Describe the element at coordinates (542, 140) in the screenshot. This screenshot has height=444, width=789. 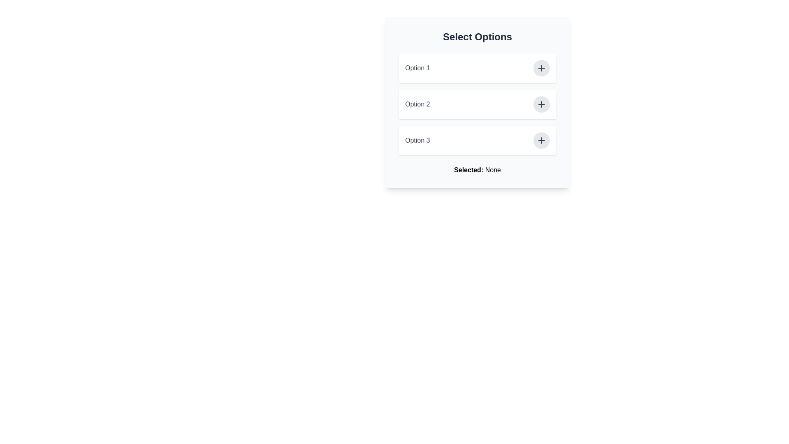
I see `the circular gray button with a '+' icon, located to the right of 'Option 3' in the list of buttons under 'Select Options'` at that location.